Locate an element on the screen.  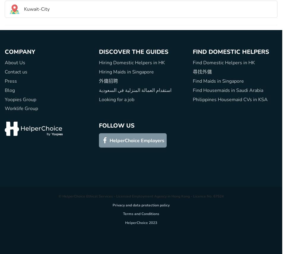
'Privacy and data protection policy' is located at coordinates (141, 205).